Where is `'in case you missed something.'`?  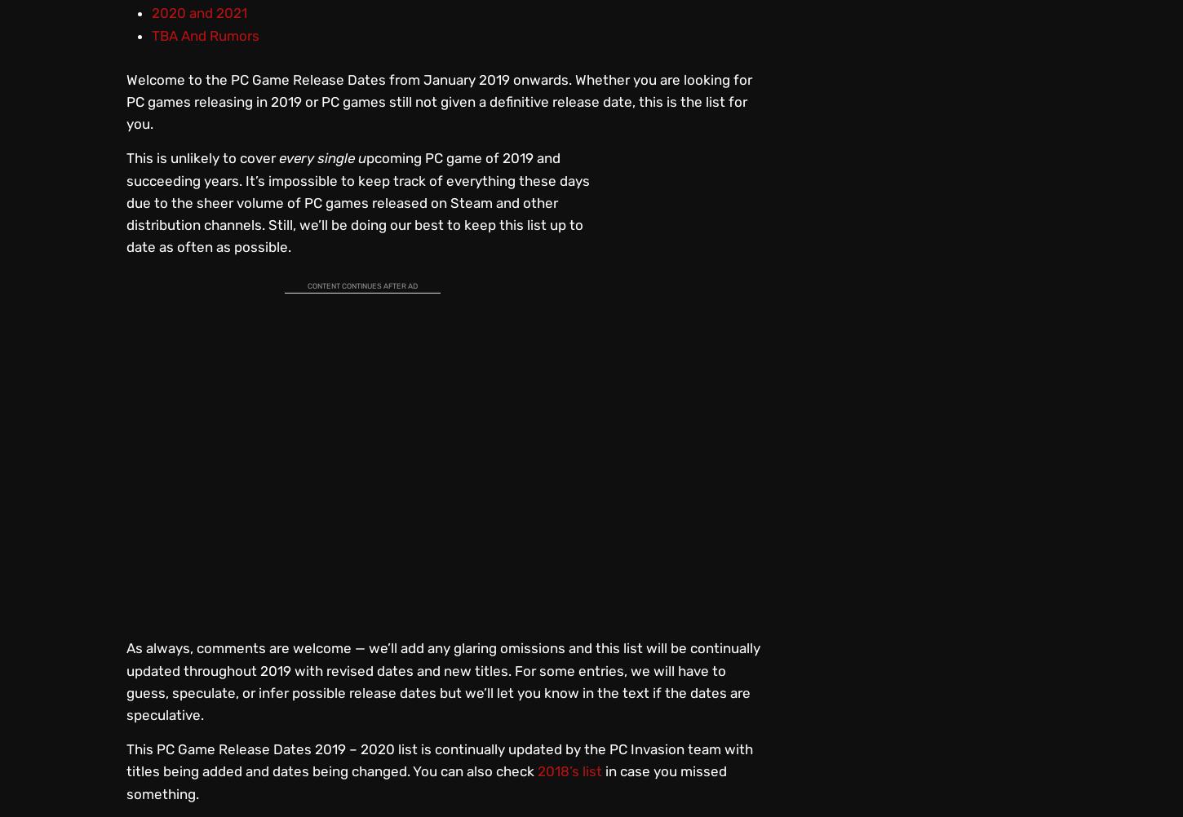
'in case you missed something.' is located at coordinates (427, 781).